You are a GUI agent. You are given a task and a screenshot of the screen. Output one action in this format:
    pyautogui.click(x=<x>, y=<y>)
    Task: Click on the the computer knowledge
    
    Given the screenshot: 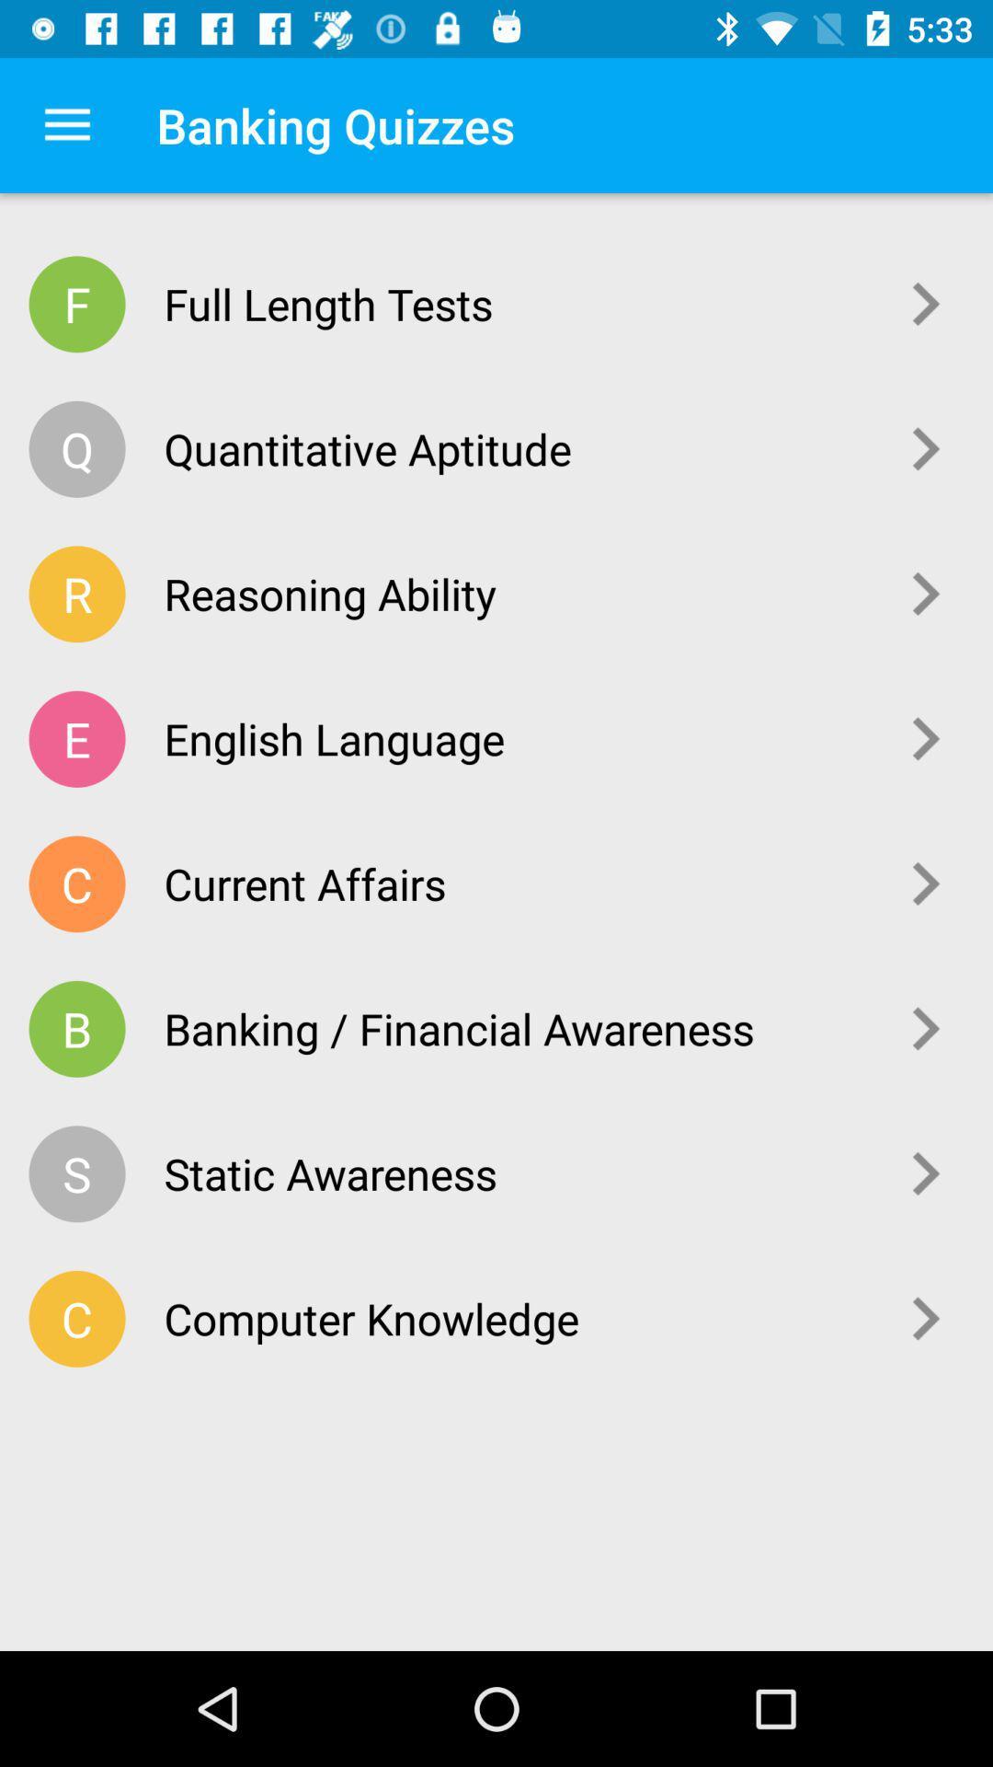 What is the action you would take?
    pyautogui.click(x=516, y=1317)
    